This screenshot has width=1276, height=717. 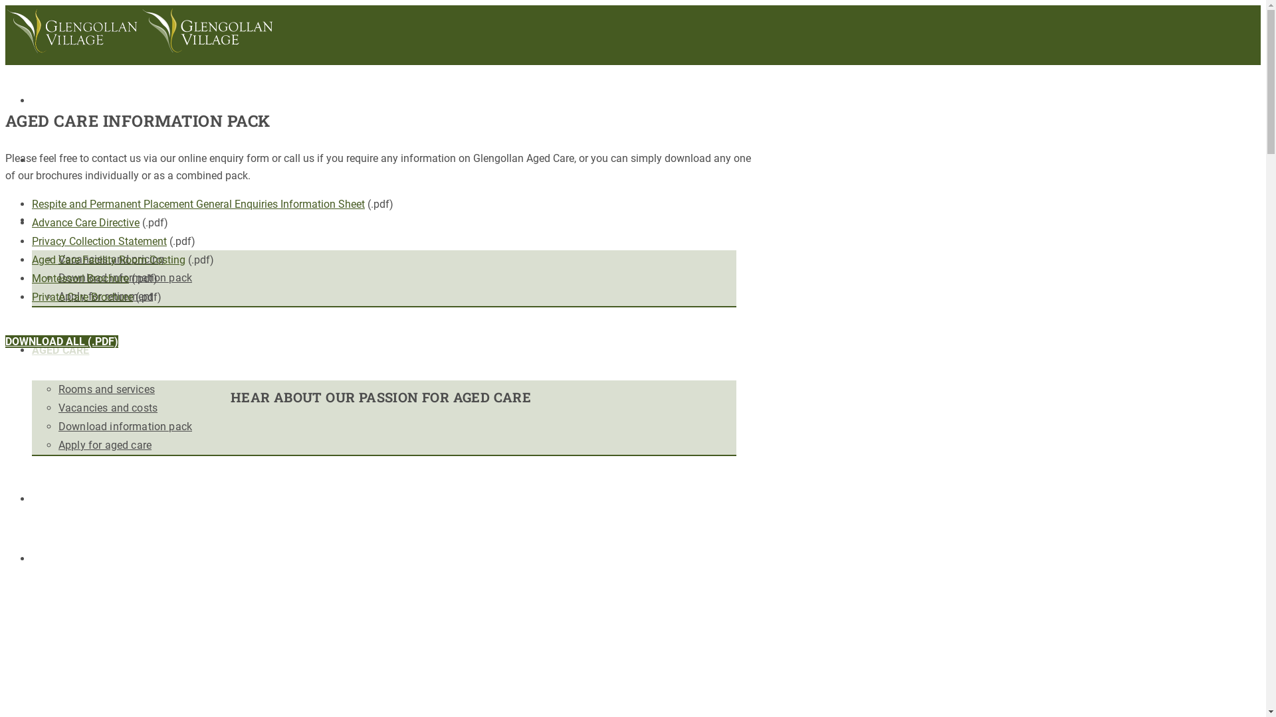 I want to click on 'Vacancies and pricing', so click(x=111, y=259).